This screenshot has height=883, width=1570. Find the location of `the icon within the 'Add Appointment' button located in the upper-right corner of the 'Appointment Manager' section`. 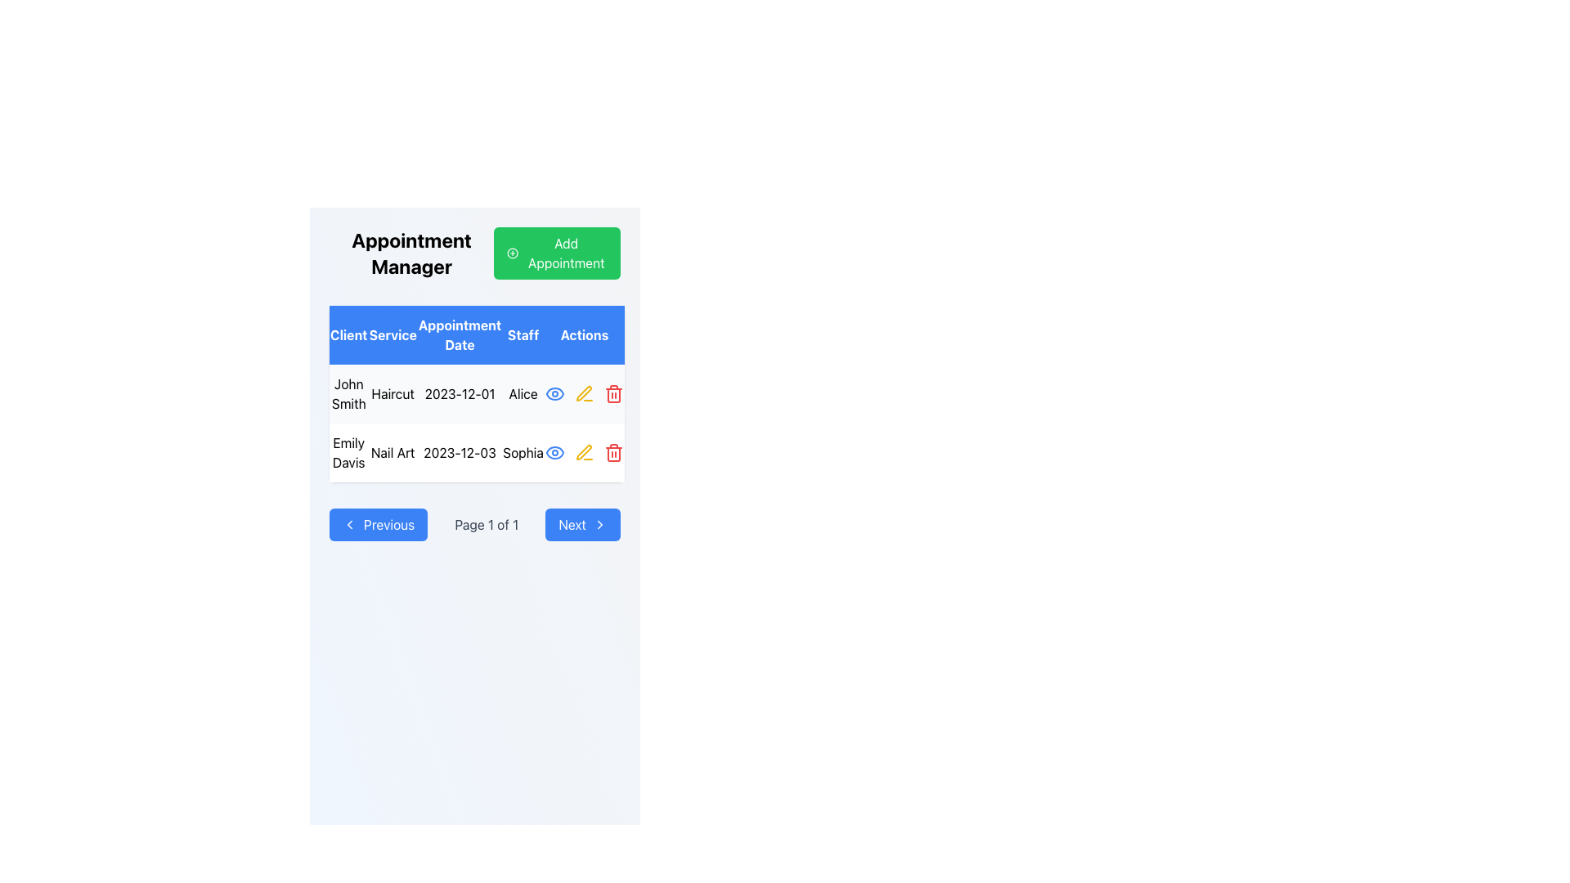

the icon within the 'Add Appointment' button located in the upper-right corner of the 'Appointment Manager' section is located at coordinates (512, 253).